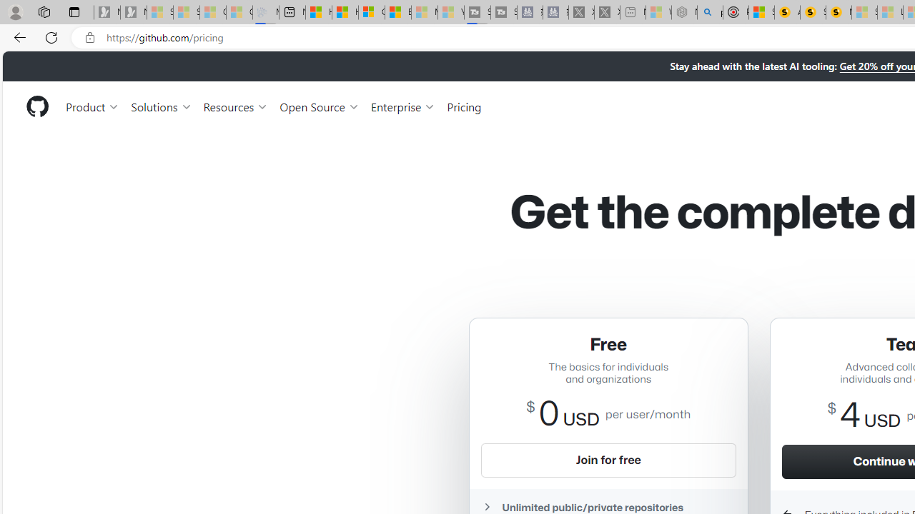  Describe the element at coordinates (402, 106) in the screenshot. I see `'Enterprise'` at that location.